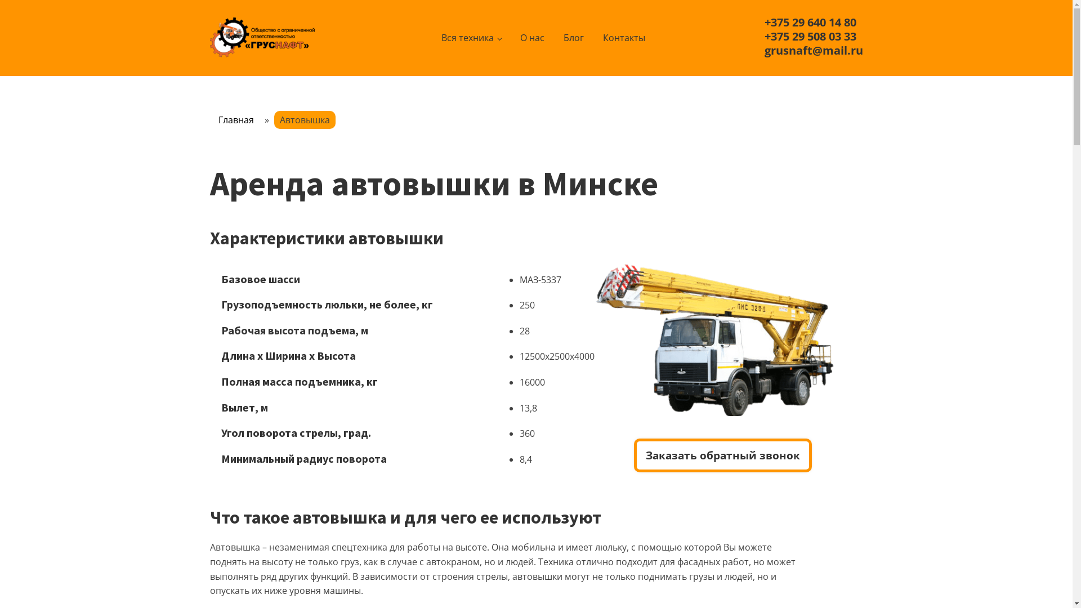 The height and width of the screenshot is (608, 1081). I want to click on '+375 29 508 03 33', so click(765, 36).